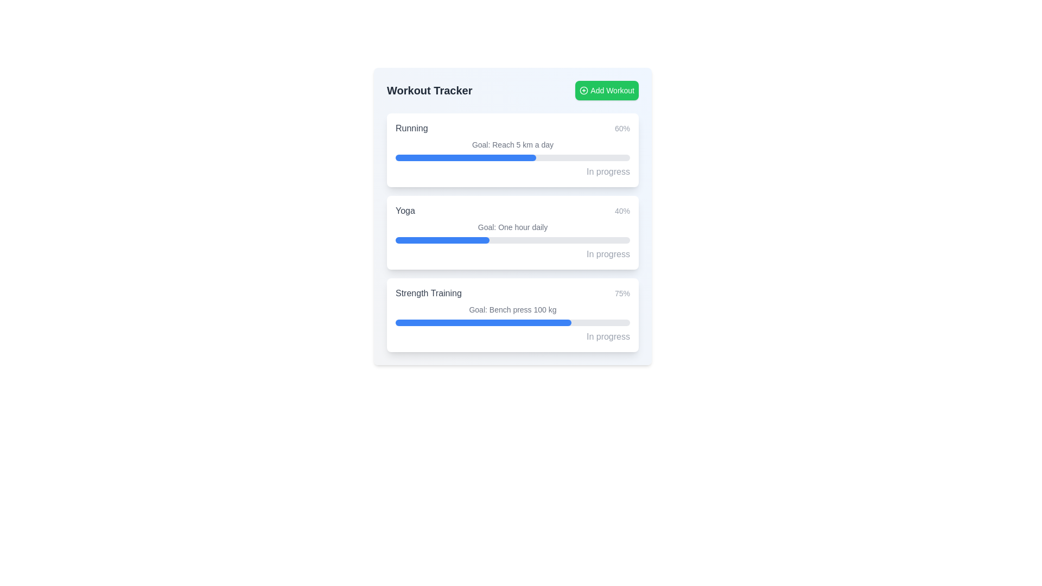 Image resolution: width=1042 pixels, height=586 pixels. Describe the element at coordinates (622, 128) in the screenshot. I see `the text label that reads '60%' in small gray font, located in the top-right corner of the 'Running' card above the progress bar` at that location.